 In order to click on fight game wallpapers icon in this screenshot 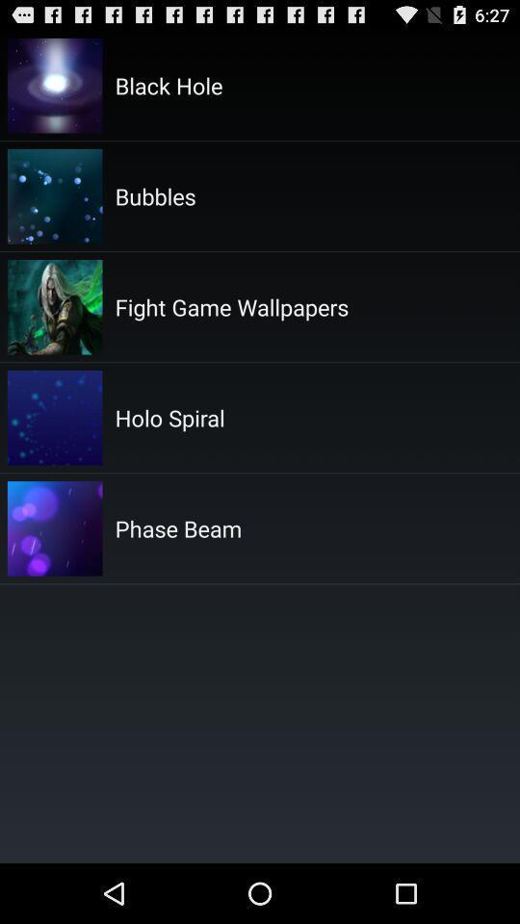, I will do `click(231, 306)`.